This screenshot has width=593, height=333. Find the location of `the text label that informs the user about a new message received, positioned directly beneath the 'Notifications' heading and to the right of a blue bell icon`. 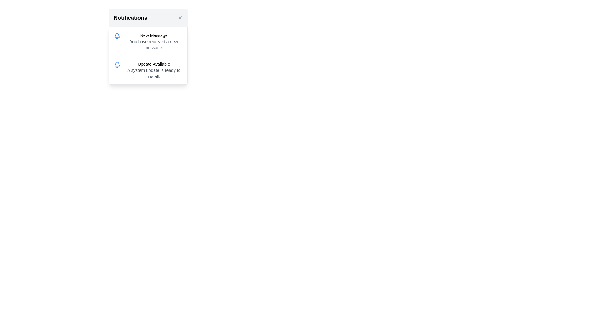

the text label that informs the user about a new message received, positioned directly beneath the 'Notifications' heading and to the right of a blue bell icon is located at coordinates (154, 42).